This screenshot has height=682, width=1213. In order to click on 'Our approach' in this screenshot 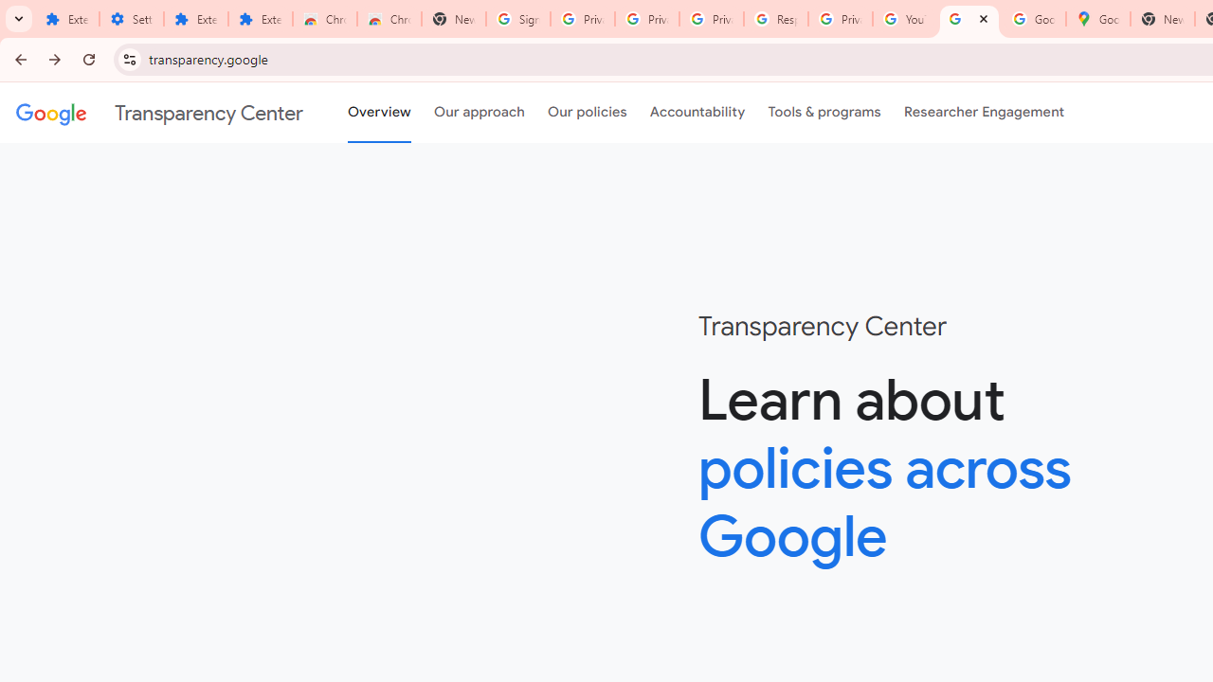, I will do `click(480, 113)`.